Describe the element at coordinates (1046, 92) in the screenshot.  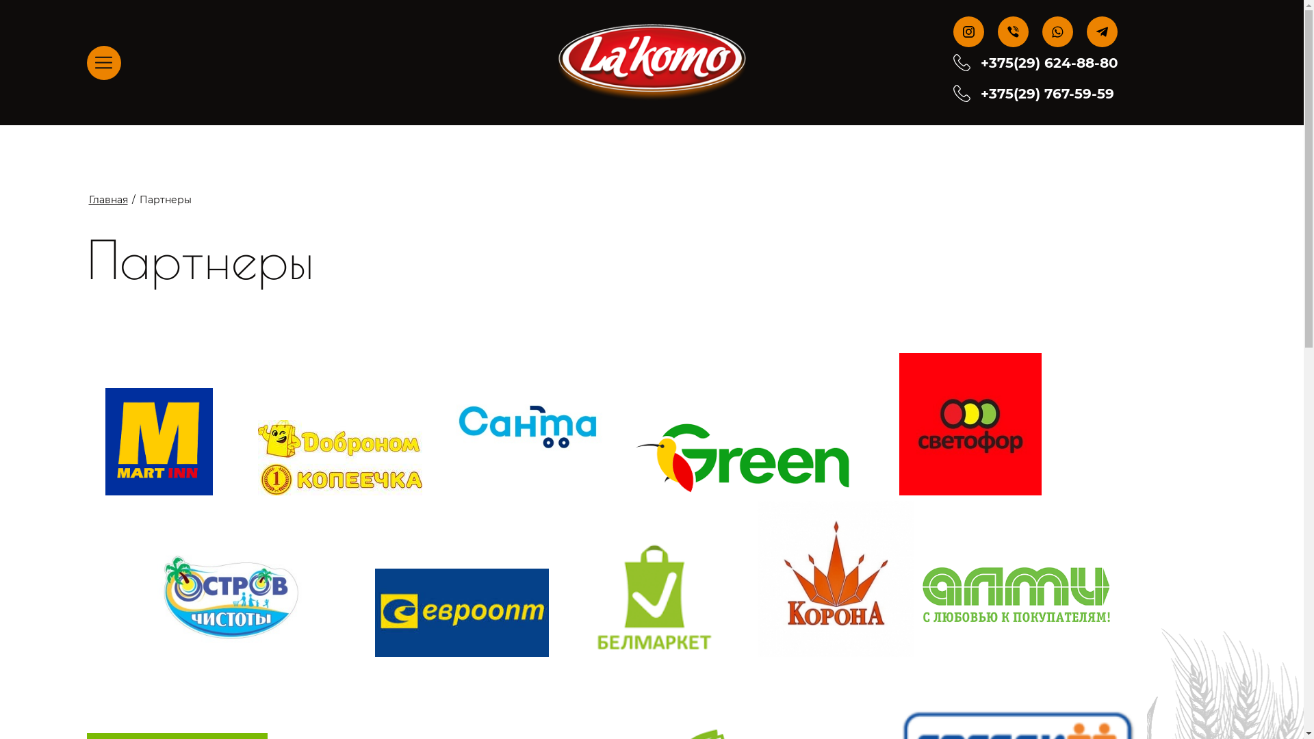
I see `'+375(29) 767-59-59'` at that location.